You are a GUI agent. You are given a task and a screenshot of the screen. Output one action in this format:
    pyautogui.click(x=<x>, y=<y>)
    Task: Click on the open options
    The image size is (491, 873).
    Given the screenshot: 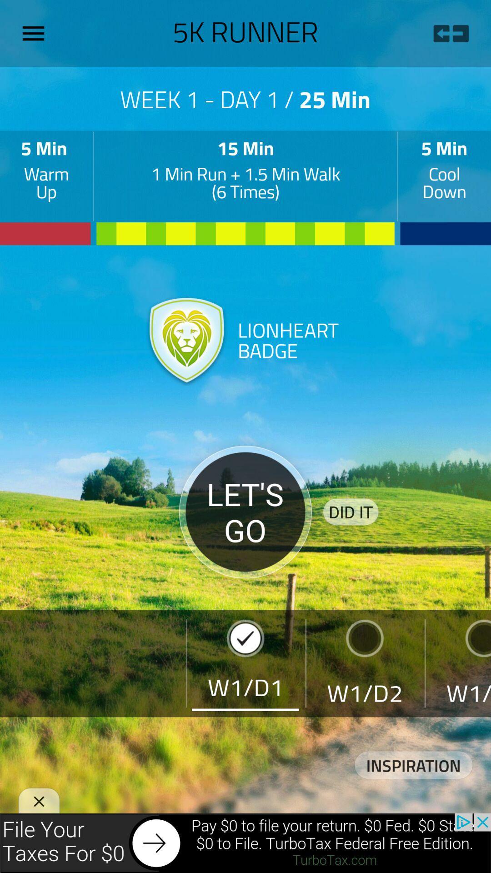 What is the action you would take?
    pyautogui.click(x=36, y=33)
    